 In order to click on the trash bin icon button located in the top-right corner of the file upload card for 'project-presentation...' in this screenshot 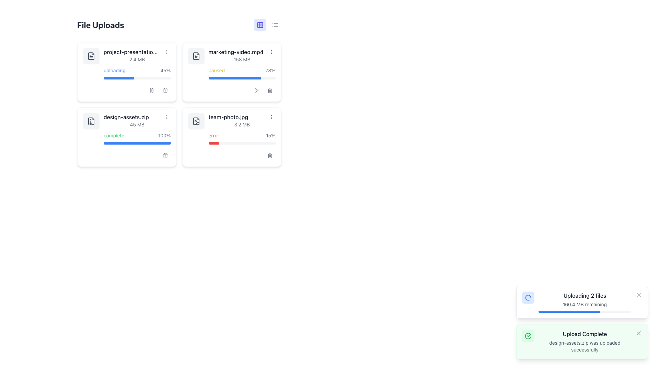, I will do `click(165, 90)`.